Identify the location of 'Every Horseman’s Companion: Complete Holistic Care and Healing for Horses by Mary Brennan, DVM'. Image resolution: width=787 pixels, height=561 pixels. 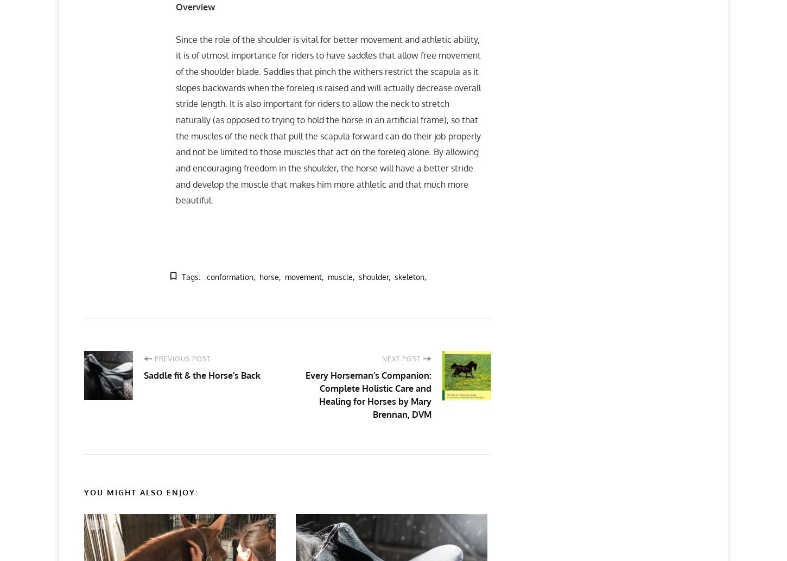
(368, 395).